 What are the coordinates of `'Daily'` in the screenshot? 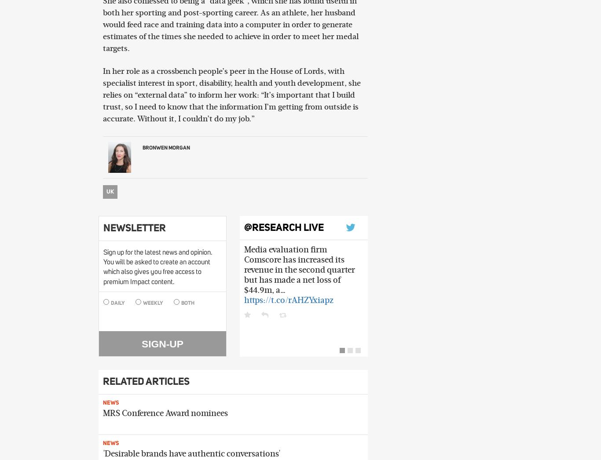 It's located at (117, 303).